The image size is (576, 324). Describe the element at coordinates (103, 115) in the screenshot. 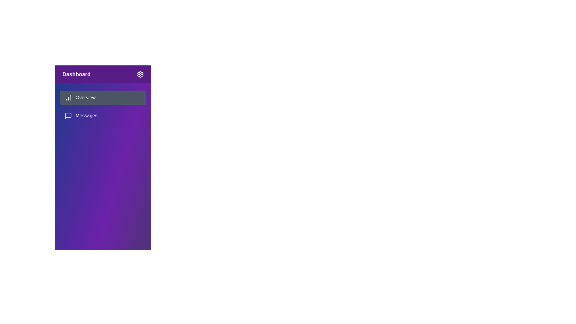

I see `the menu item Messages to observe the hover effect` at that location.